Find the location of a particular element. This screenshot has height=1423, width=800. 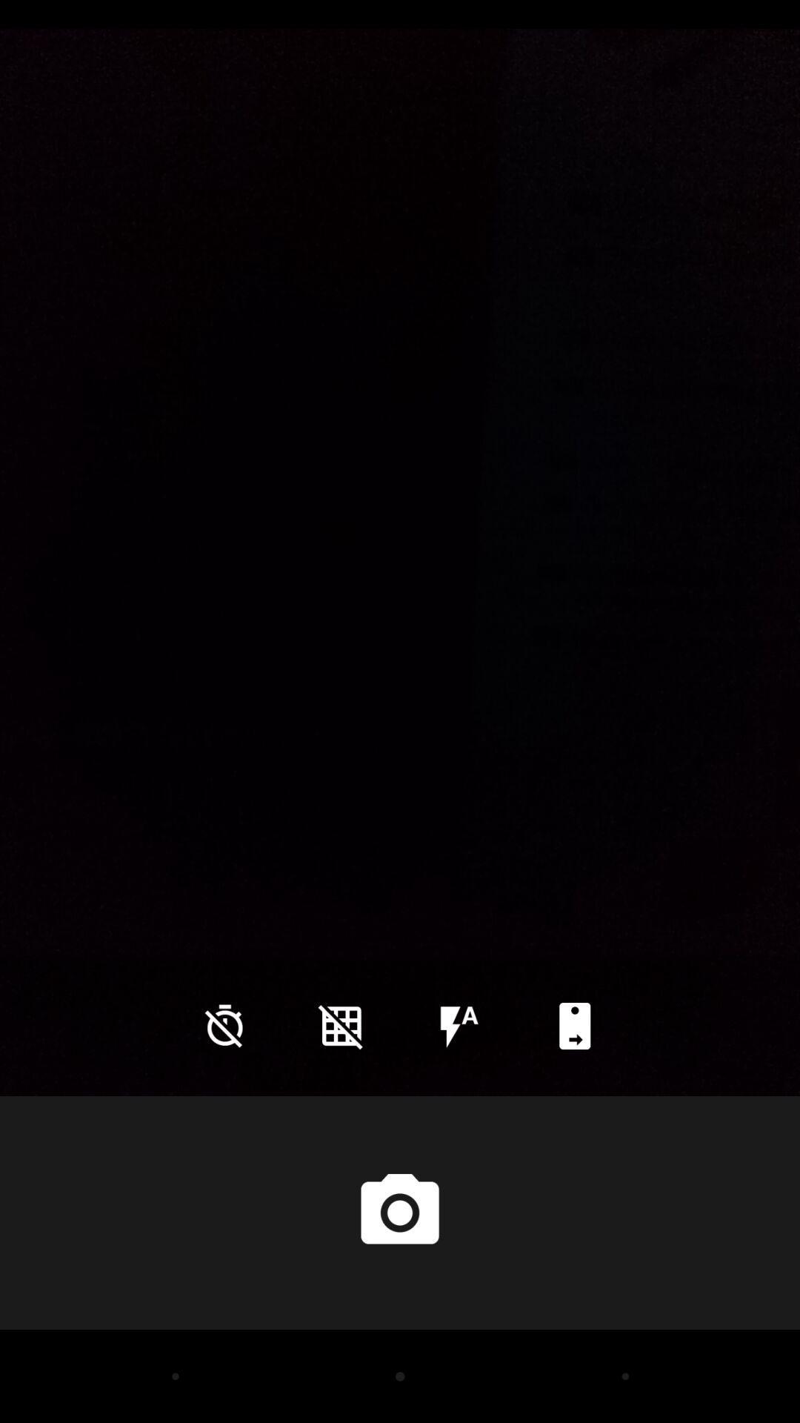

the flash icon is located at coordinates (457, 1025).